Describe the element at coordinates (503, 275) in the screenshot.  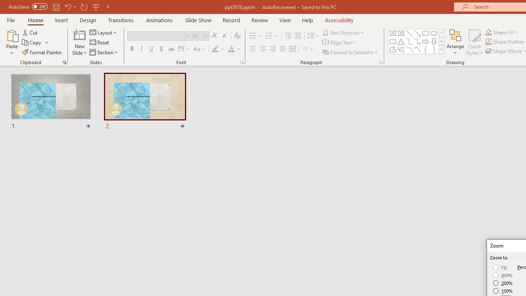
I see `'400%'` at that location.